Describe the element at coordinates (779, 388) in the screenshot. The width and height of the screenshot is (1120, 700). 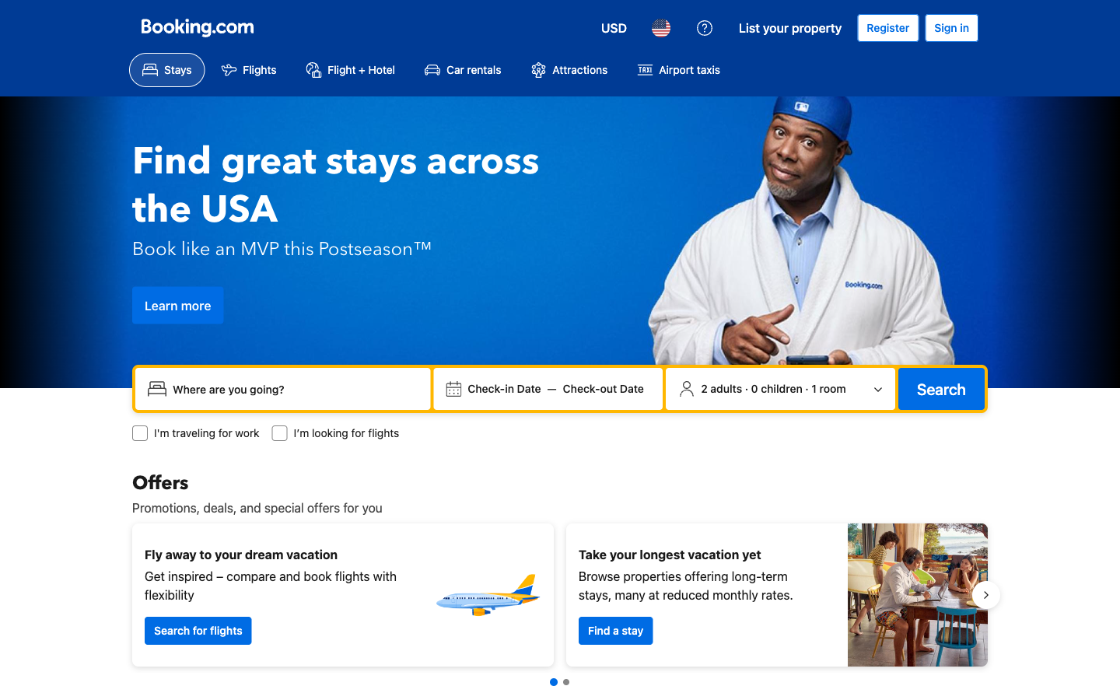
I see `Update the number of inhabitants in the room` at that location.